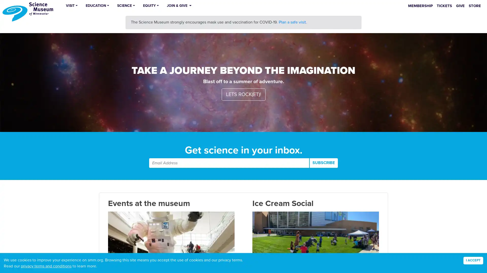  Describe the element at coordinates (243, 95) in the screenshot. I see `LETS ROCK(ET)!` at that location.